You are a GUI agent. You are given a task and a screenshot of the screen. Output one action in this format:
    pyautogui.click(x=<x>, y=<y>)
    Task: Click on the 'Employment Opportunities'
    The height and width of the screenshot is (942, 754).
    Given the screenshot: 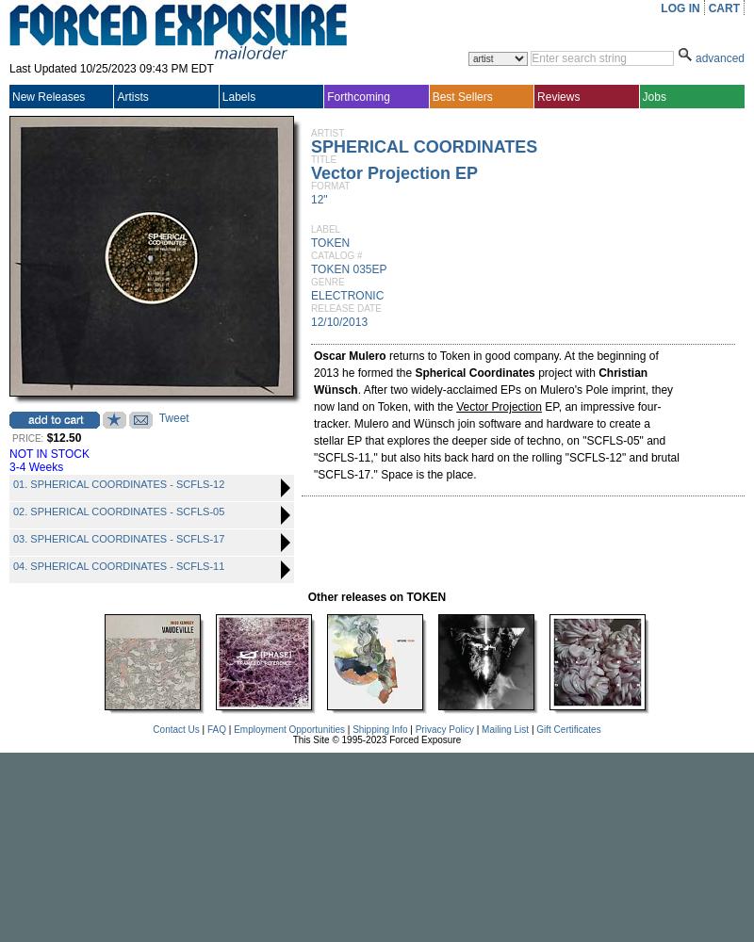 What is the action you would take?
    pyautogui.click(x=287, y=729)
    